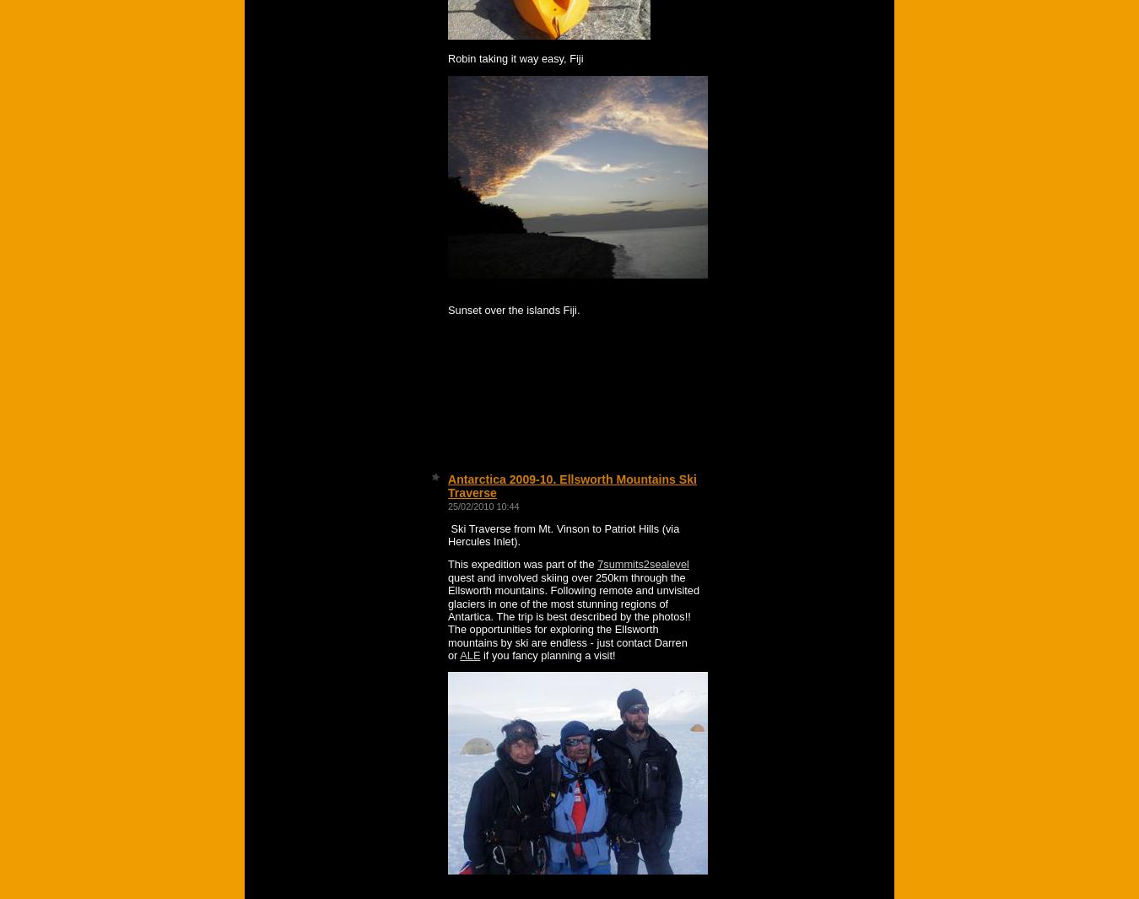 The image size is (1139, 899). Describe the element at coordinates (483, 505) in the screenshot. I see `'25/02/2010 10:44'` at that location.